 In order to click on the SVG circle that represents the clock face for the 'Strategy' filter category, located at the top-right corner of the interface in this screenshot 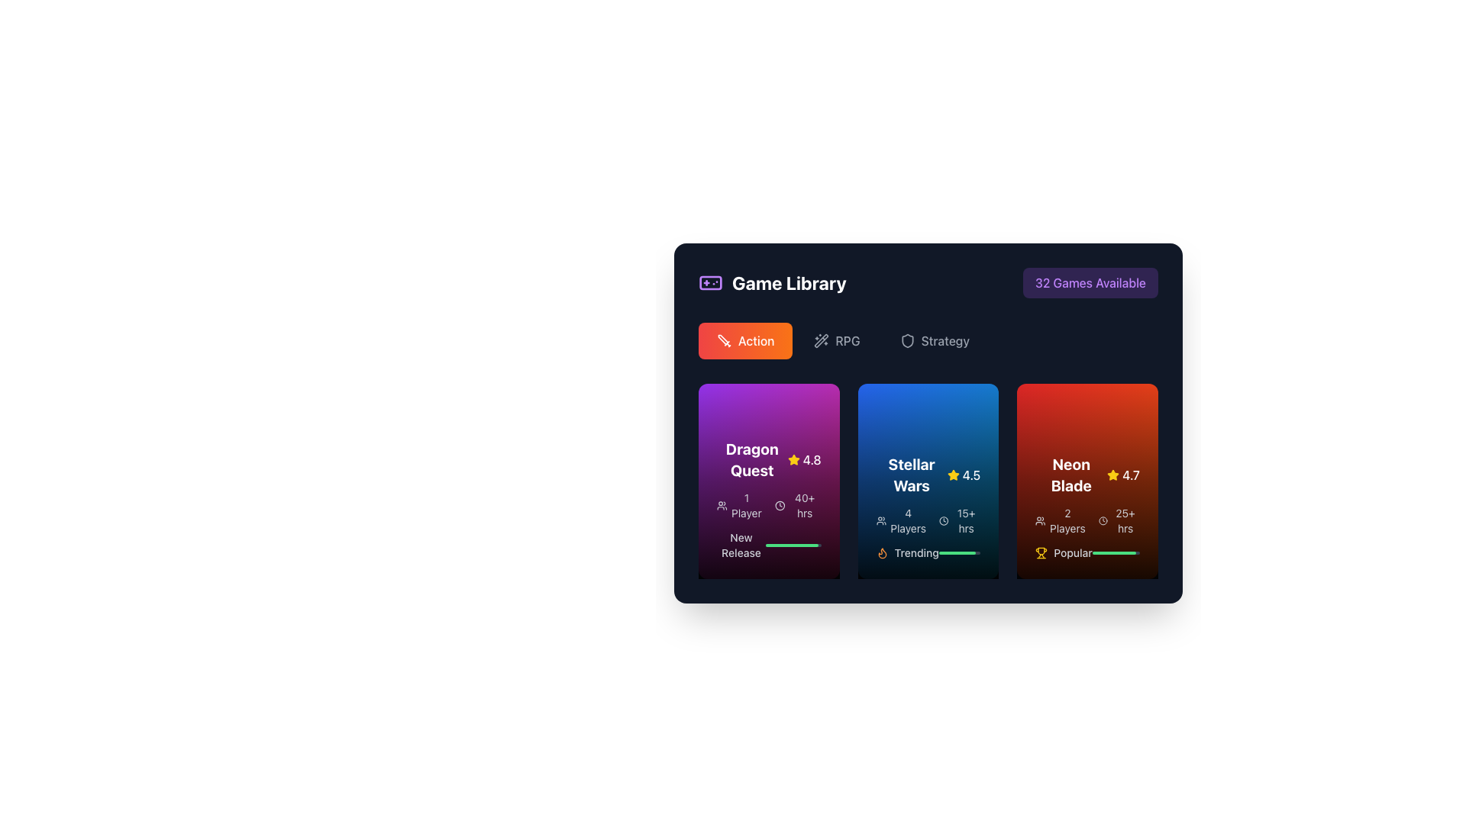, I will do `click(1103, 520)`.